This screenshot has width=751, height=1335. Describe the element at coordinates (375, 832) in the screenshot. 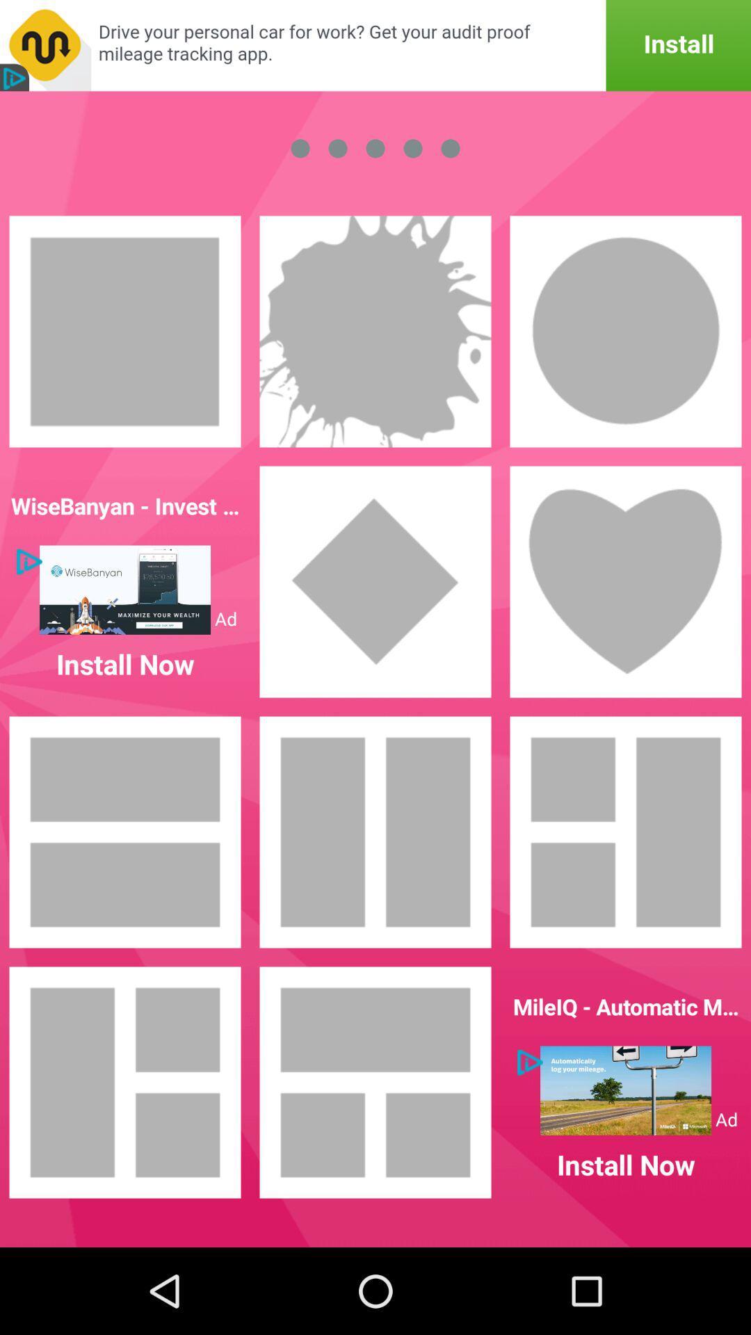

I see `rectangular portrait` at that location.